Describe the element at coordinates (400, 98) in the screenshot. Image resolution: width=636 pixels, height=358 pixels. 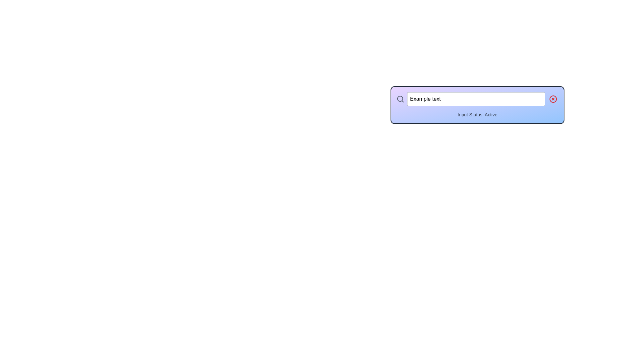
I see `the circular outline of the magnifying glass icon, which is positioned towards the left side near the handle intersection of the SVG image` at that location.